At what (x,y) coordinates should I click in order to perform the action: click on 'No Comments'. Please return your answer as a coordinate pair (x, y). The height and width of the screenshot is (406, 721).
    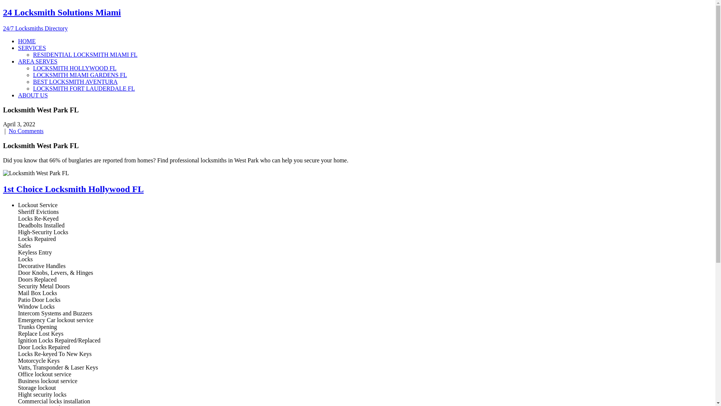
    Looking at the image, I should click on (9, 130).